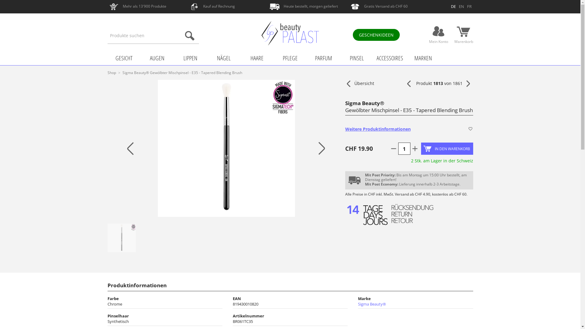  What do you see at coordinates (469, 6) in the screenshot?
I see `'FR'` at bounding box center [469, 6].